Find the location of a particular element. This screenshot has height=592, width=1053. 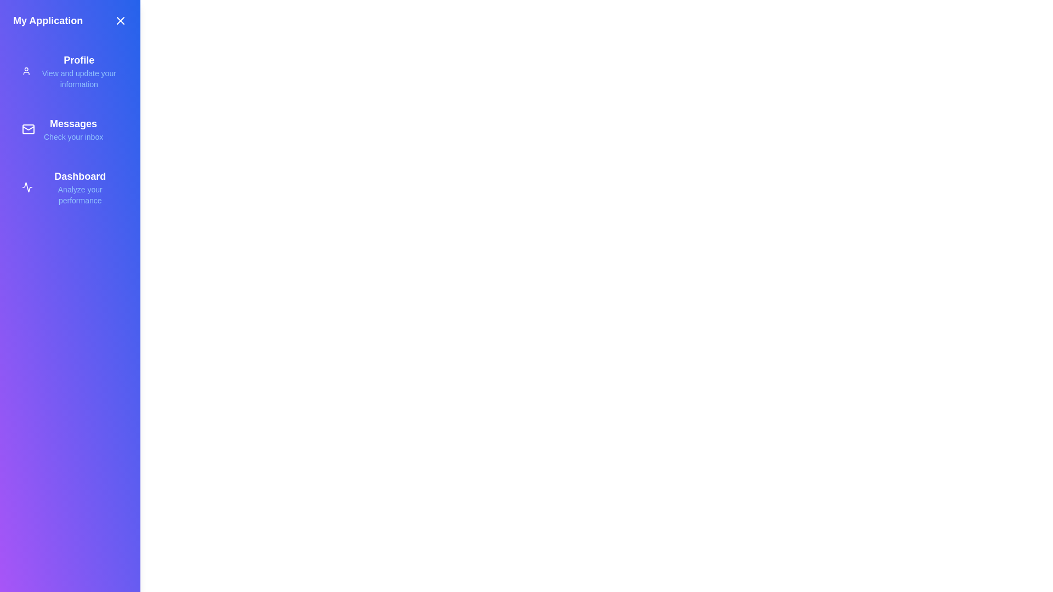

the toggle button to open or close the drawer is located at coordinates (121, 21).